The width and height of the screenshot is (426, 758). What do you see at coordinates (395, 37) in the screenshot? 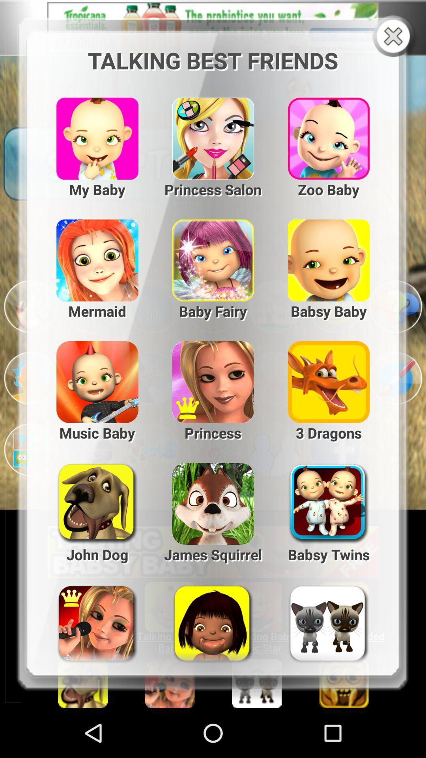
I see `page` at bounding box center [395, 37].